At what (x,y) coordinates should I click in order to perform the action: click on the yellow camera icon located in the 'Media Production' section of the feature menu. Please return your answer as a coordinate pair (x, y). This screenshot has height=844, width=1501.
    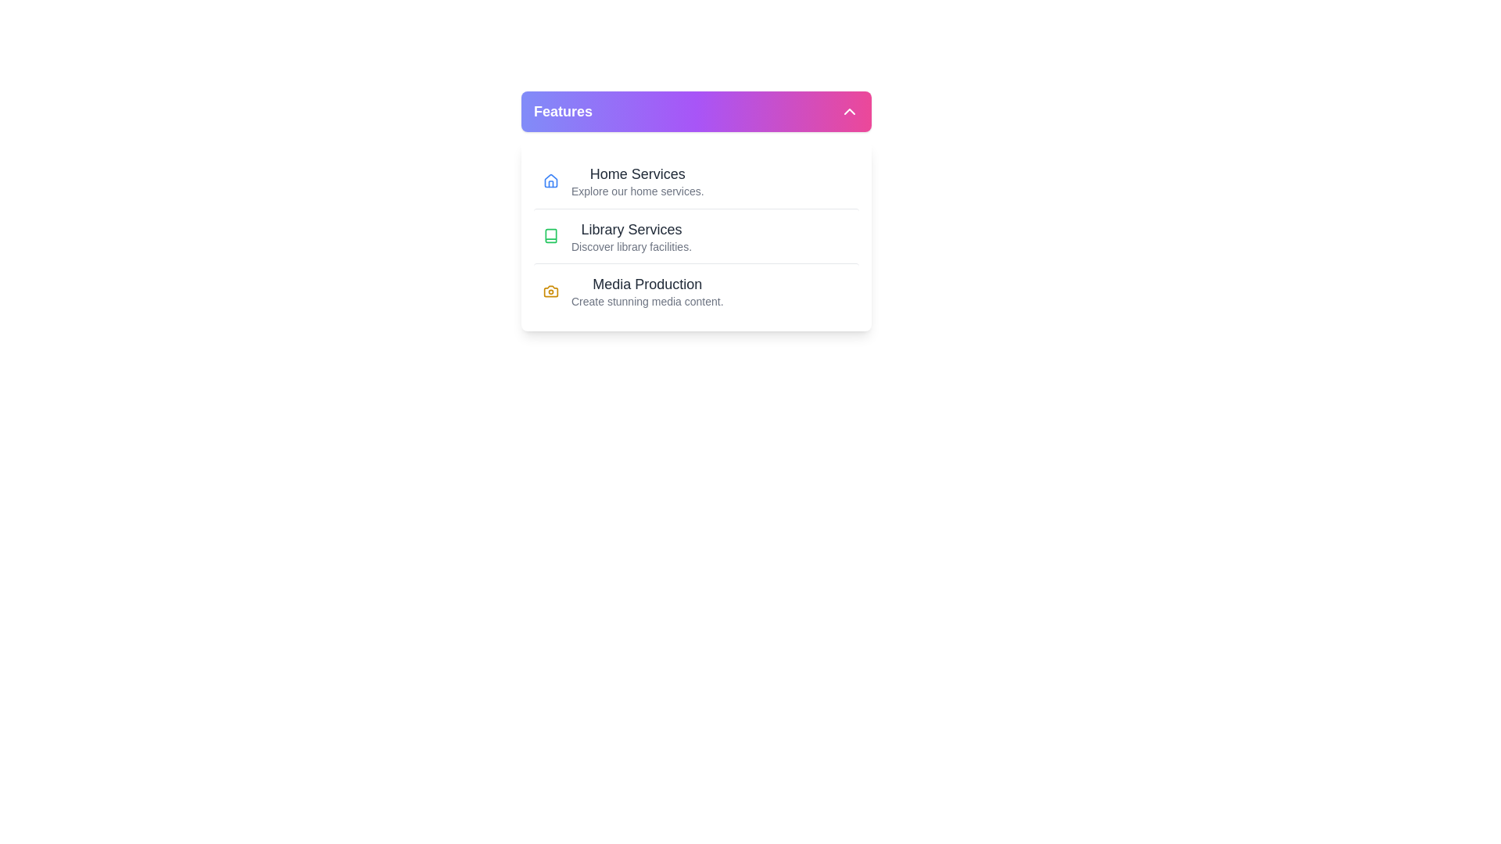
    Looking at the image, I should click on (551, 290).